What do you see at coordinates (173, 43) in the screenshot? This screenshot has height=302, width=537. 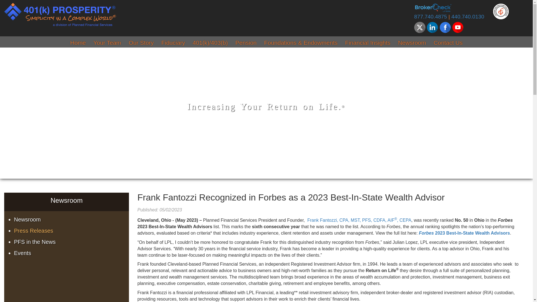 I see `'Fiduciary'` at bounding box center [173, 43].